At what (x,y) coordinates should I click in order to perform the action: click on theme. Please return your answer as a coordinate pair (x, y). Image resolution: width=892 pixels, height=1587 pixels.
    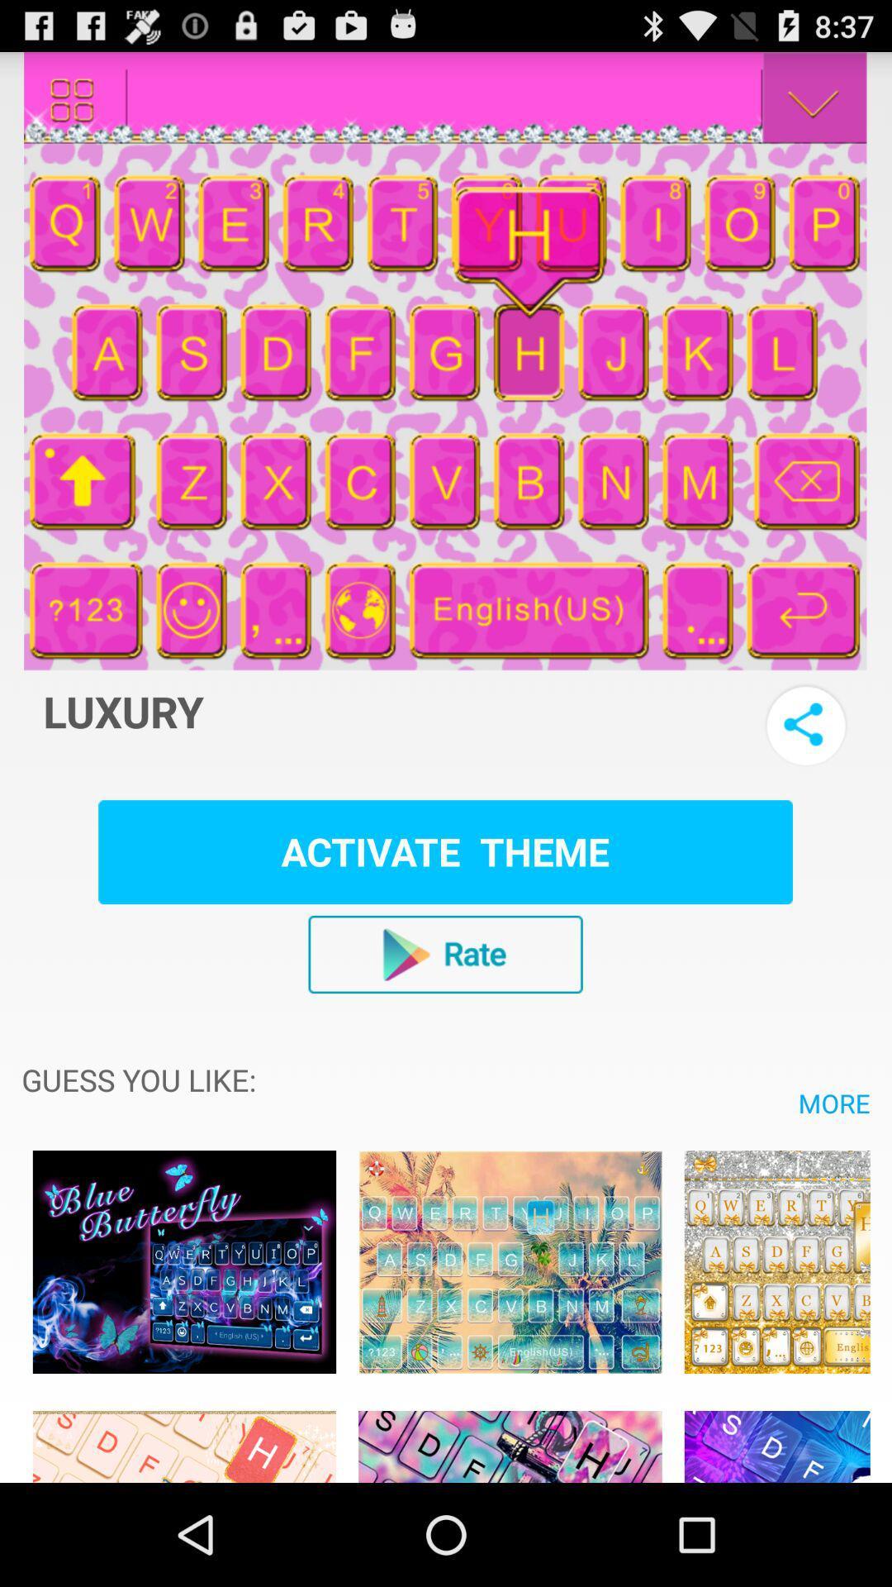
    Looking at the image, I should click on (509, 1261).